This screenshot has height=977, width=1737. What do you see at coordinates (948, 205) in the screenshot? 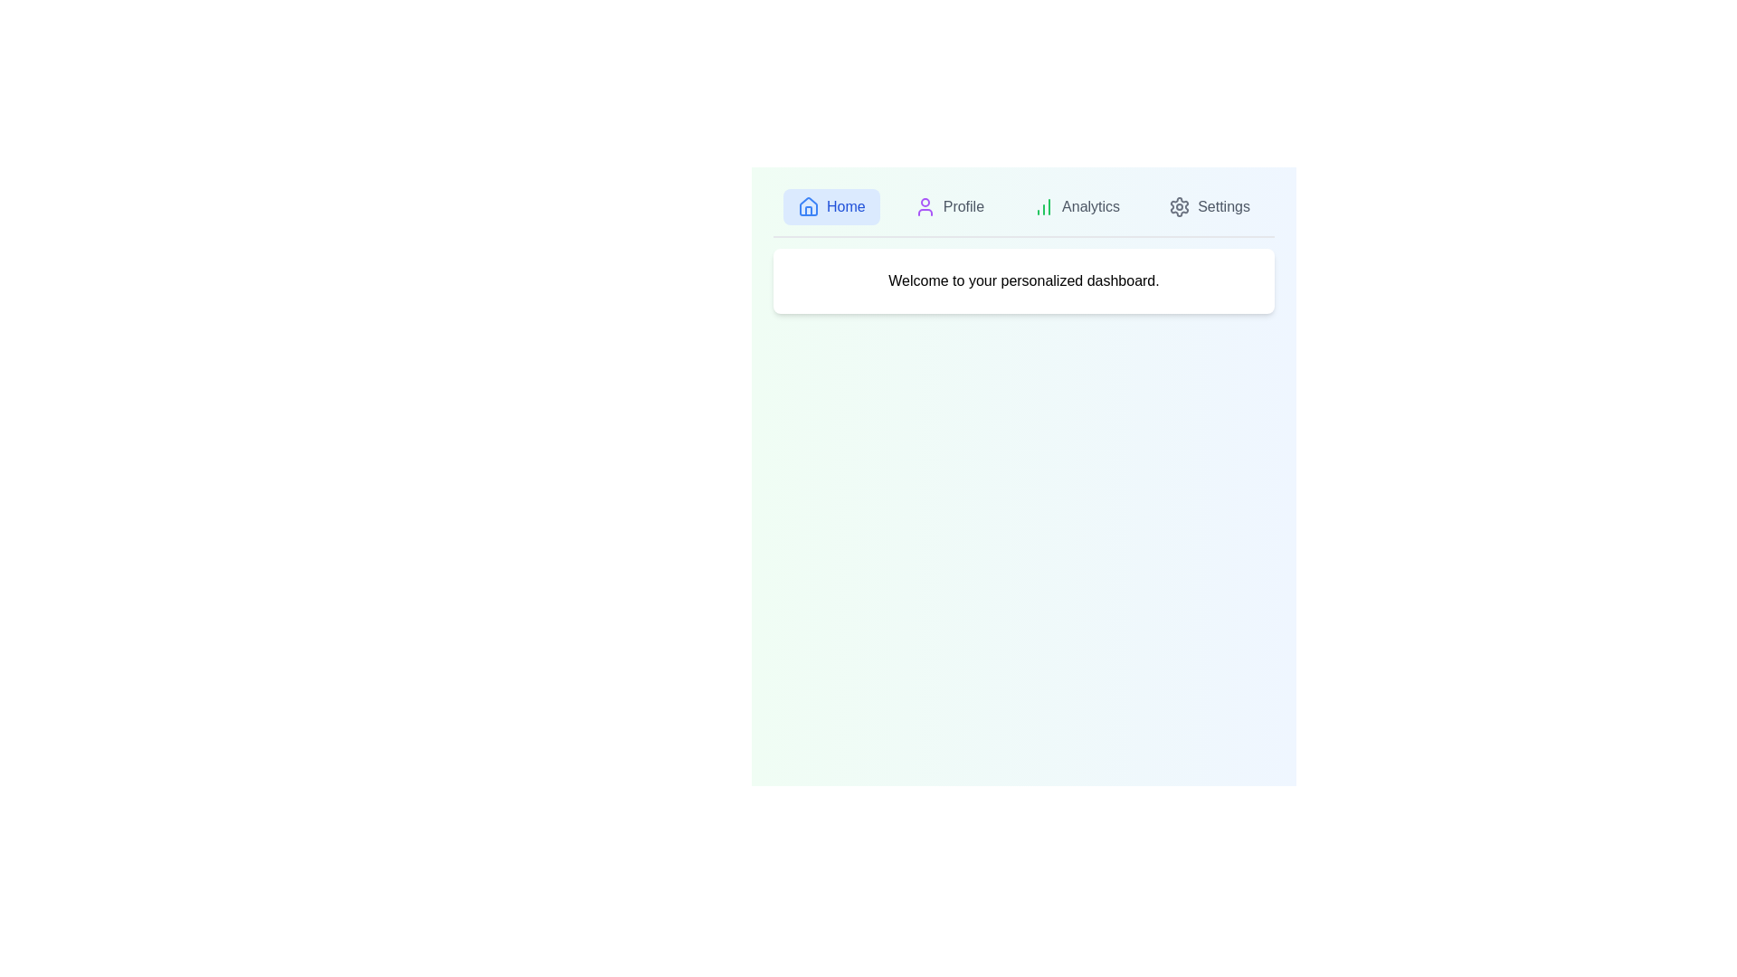
I see `the tab labeled Profile` at bounding box center [948, 205].